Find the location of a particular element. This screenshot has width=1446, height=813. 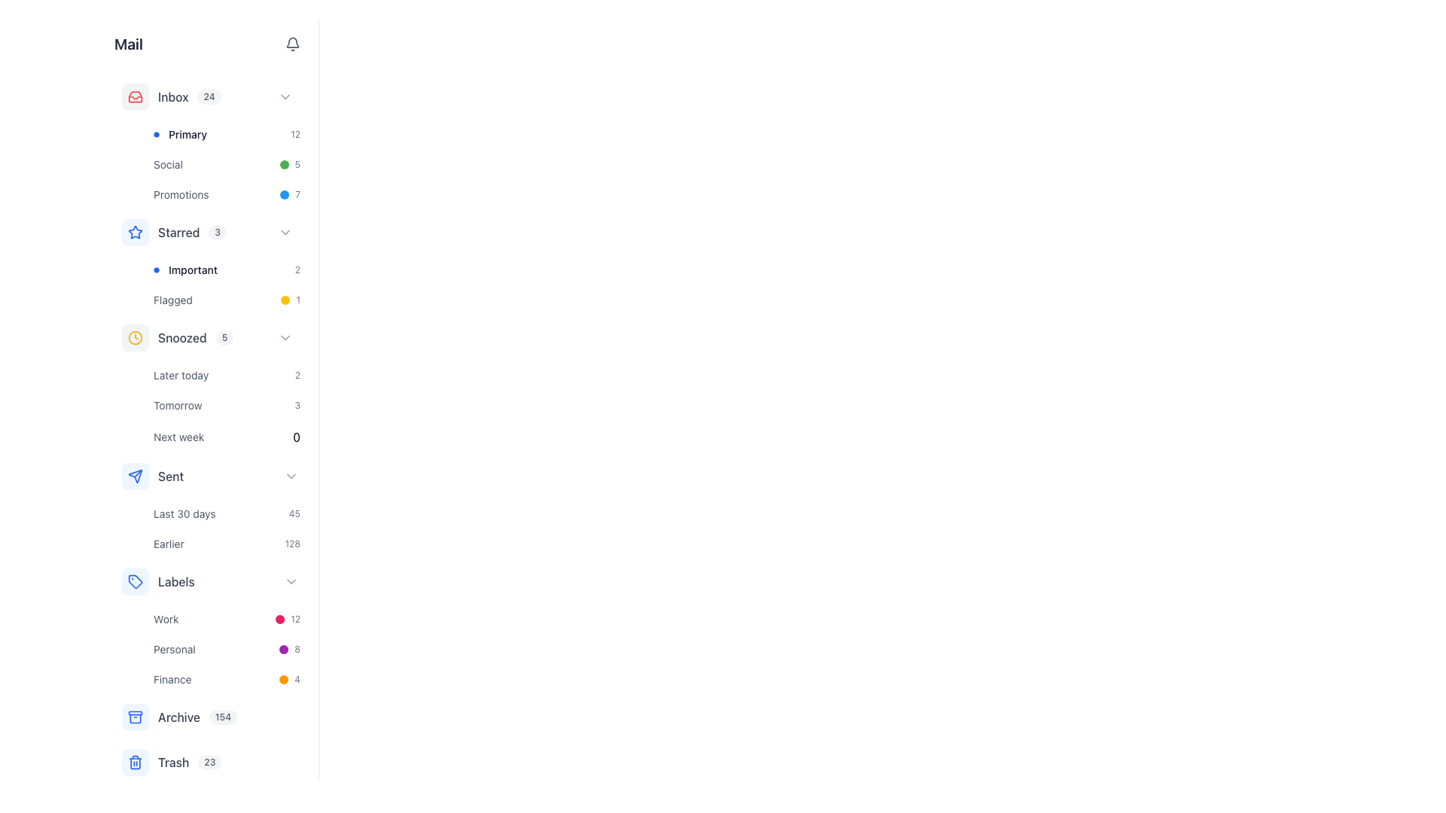

the Text label displaying 'Tomorrow' styled in gray font, which is the first item in the 'Snoozed' category list, located between 'Later today' and '3' is located at coordinates (178, 405).